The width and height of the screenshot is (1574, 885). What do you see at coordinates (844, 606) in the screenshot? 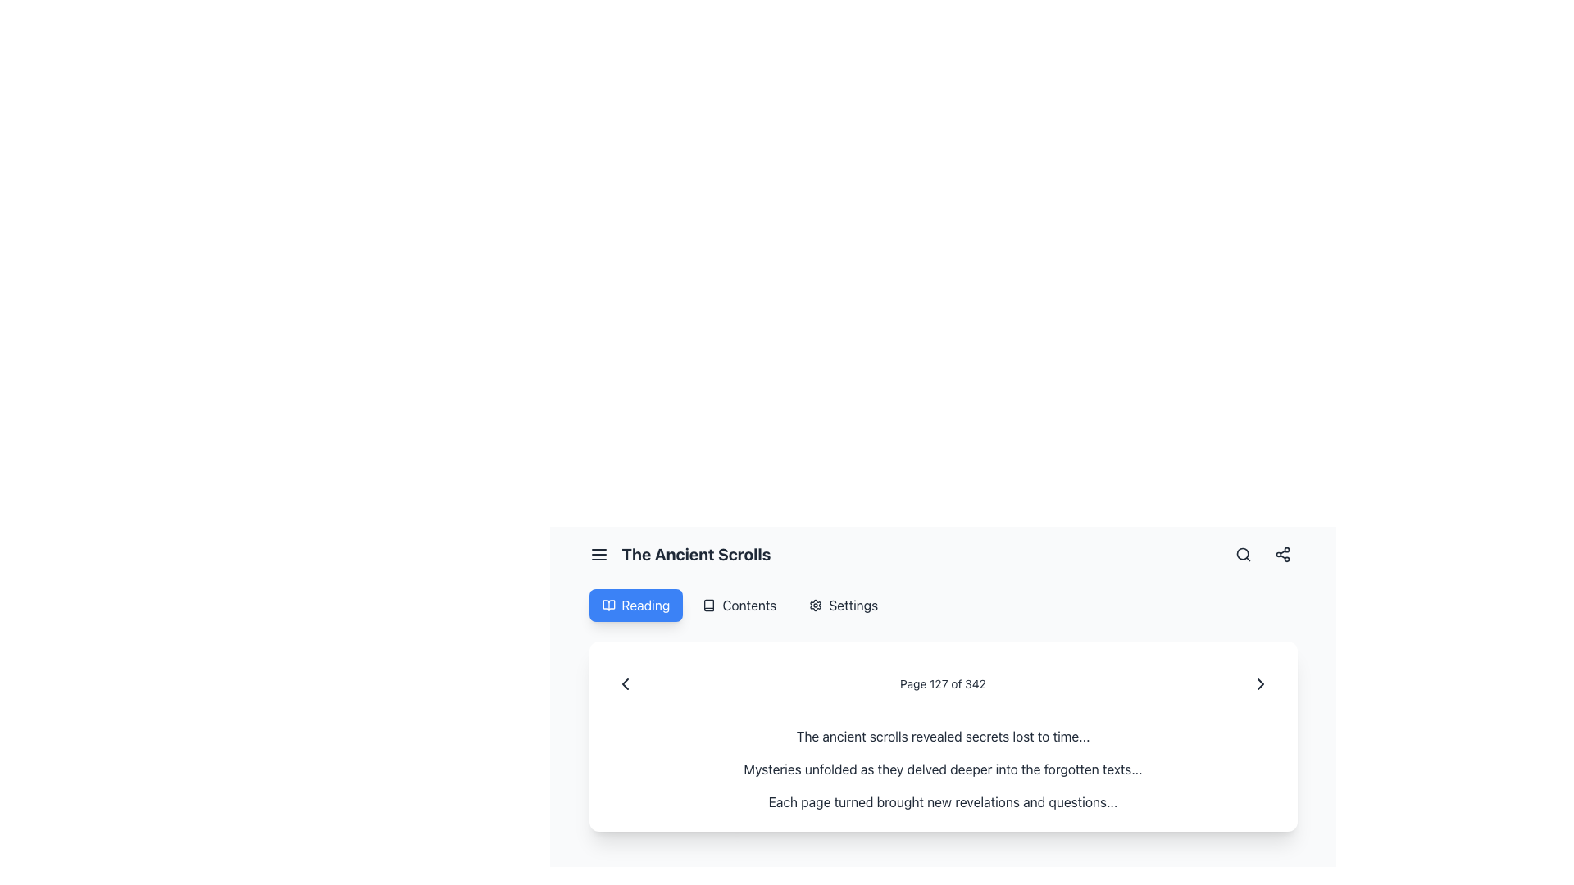
I see `the rightmost button labeled 'Settings' in the top-central section of the layout` at bounding box center [844, 606].